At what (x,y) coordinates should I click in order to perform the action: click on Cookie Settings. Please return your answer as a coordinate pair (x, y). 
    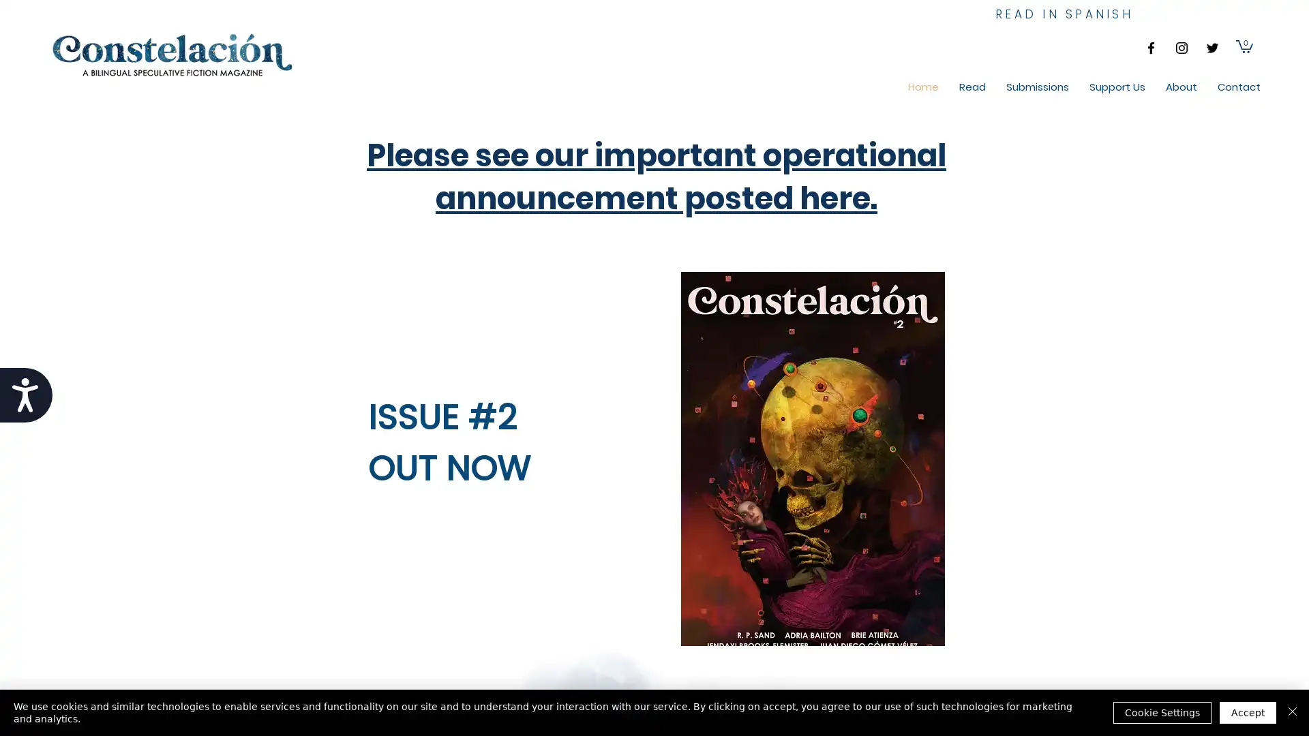
    Looking at the image, I should click on (1161, 711).